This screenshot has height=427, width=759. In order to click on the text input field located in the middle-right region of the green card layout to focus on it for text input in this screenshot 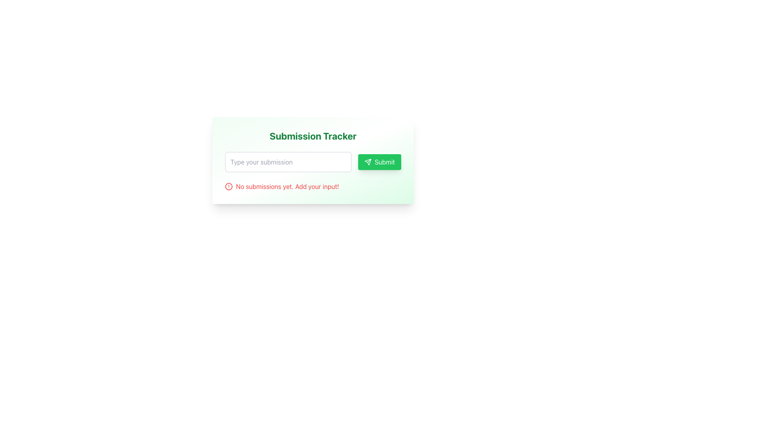, I will do `click(288, 161)`.